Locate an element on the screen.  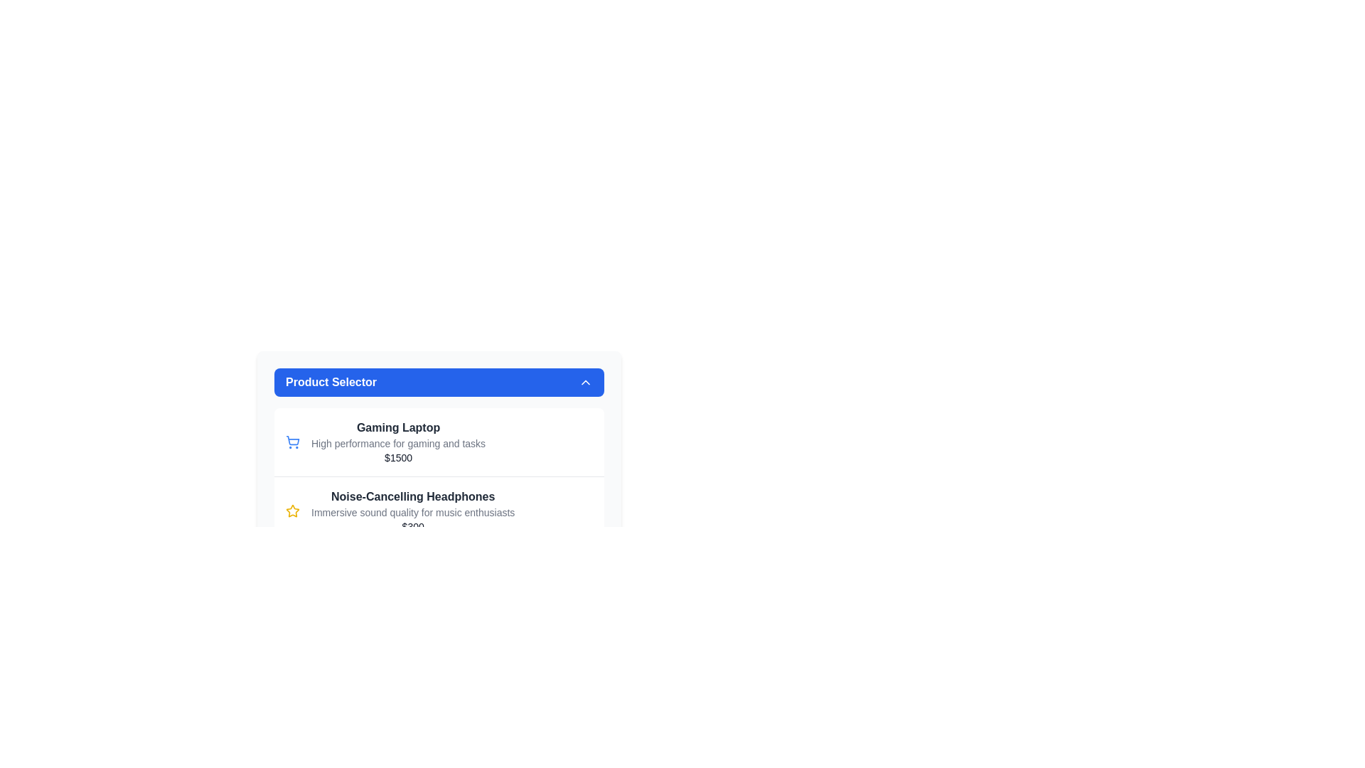
text label that displays the product name 'Noise-Cancelling Headphones', which is bold and dark gray, positioned above the subtitle and price in the product entry list is located at coordinates (412, 496).